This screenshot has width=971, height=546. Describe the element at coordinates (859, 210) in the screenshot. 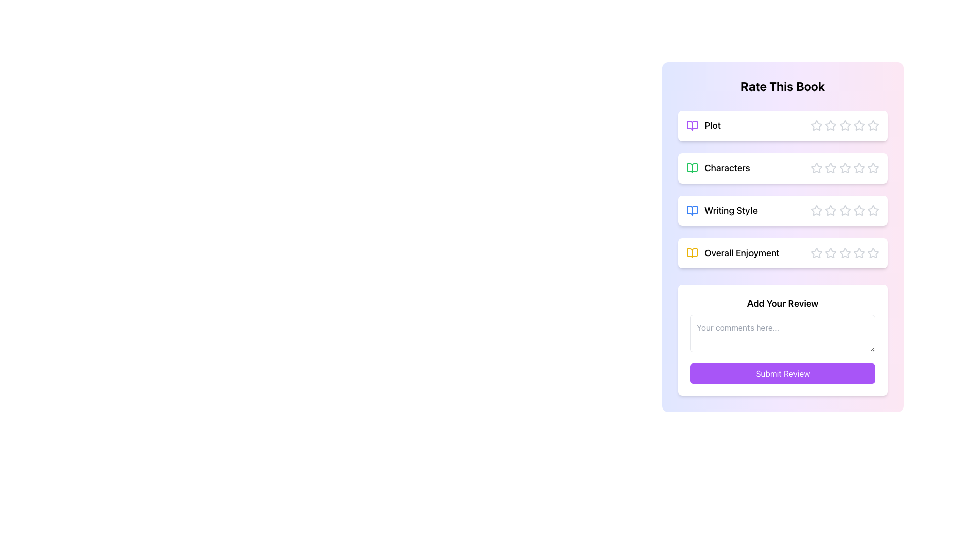

I see `the fifth star in the horizontal row for rating 'Writing Style' to rate it` at that location.